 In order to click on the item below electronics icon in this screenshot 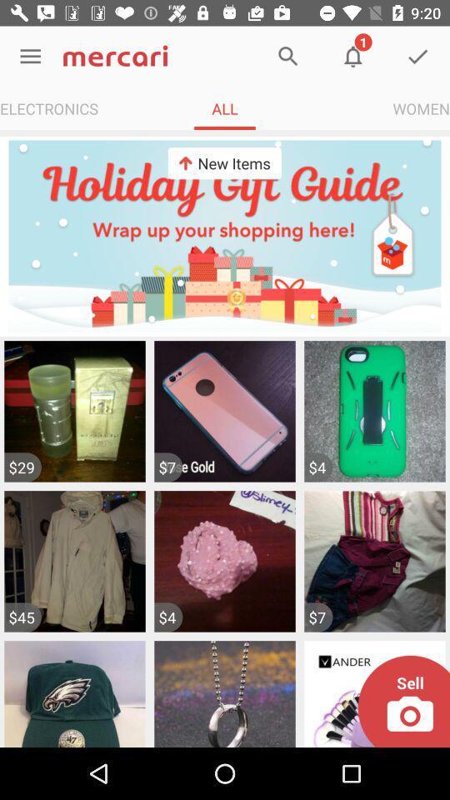, I will do `click(225, 235)`.